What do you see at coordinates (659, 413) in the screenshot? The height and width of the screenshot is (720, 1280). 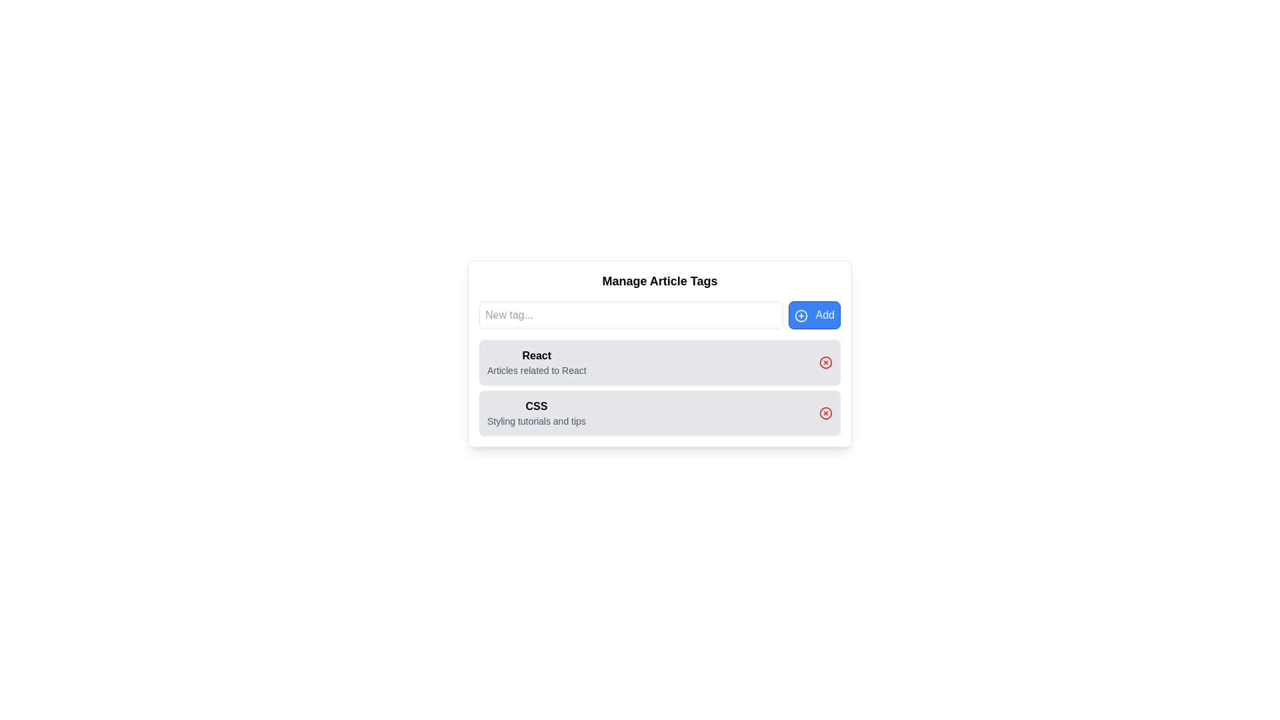 I see `the List item with the label 'CSS' that contains a smaller description 'Styling tutorials and tips' and a red 'X' button on the right-hand side` at bounding box center [659, 413].